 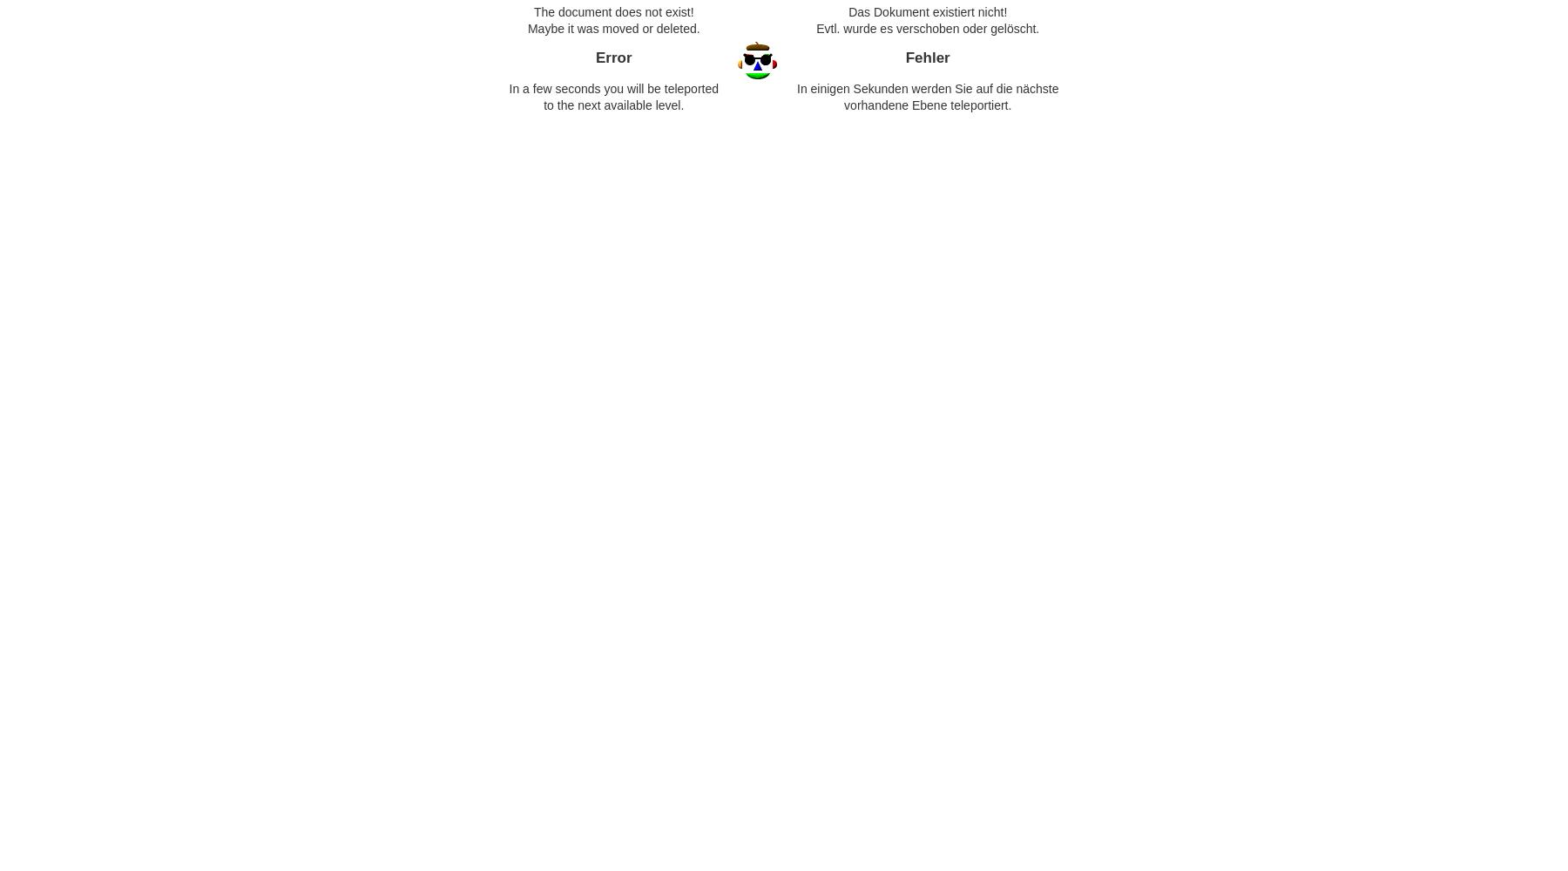 What do you see at coordinates (927, 57) in the screenshot?
I see `'Fehler'` at bounding box center [927, 57].